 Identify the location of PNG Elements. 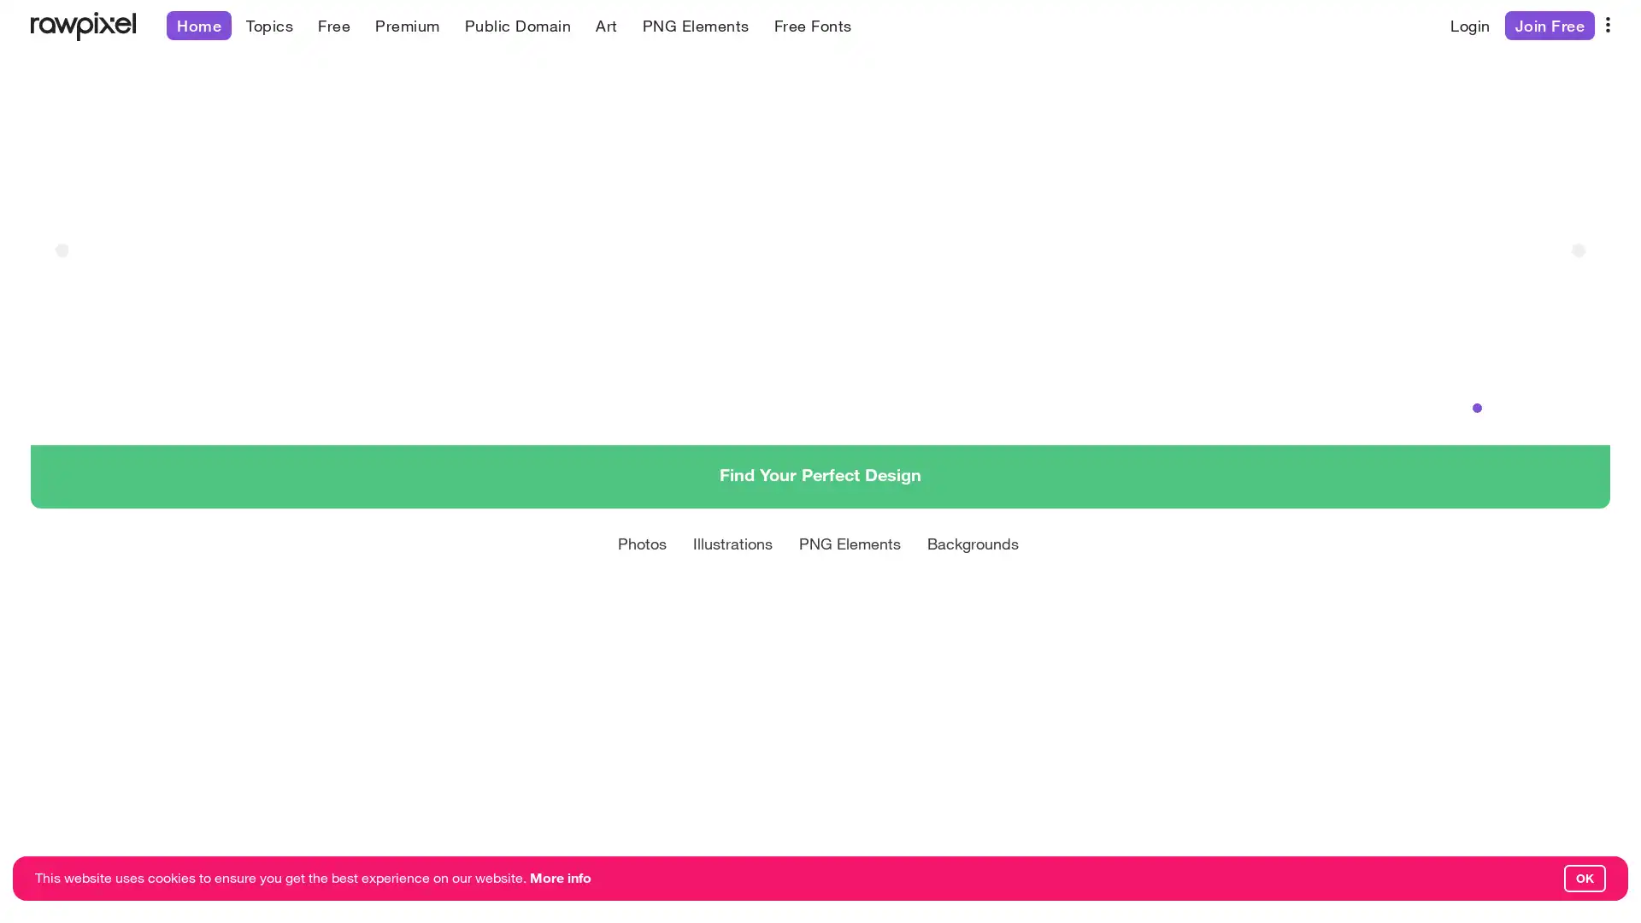
(850, 581).